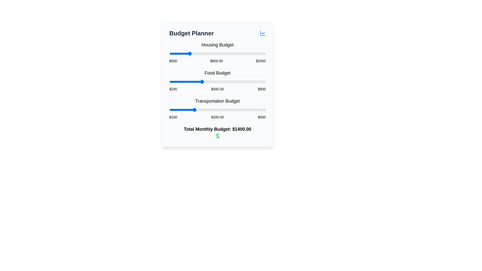 The image size is (482, 271). I want to click on the Food Budget slider value, so click(232, 82).